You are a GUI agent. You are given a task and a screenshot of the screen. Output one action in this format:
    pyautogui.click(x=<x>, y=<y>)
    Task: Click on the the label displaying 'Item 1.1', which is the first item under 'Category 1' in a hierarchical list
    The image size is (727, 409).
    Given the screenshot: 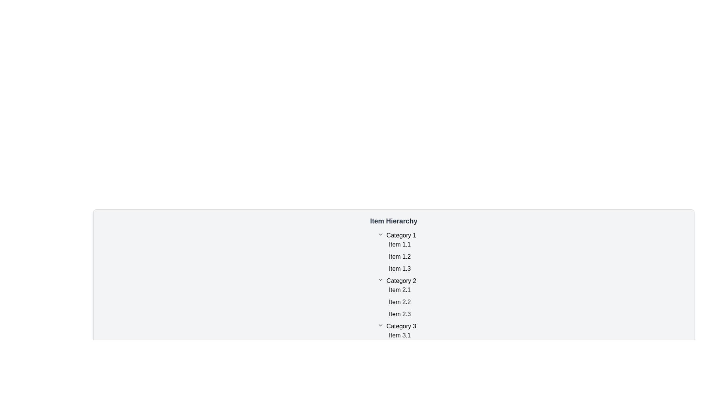 What is the action you would take?
    pyautogui.click(x=399, y=244)
    